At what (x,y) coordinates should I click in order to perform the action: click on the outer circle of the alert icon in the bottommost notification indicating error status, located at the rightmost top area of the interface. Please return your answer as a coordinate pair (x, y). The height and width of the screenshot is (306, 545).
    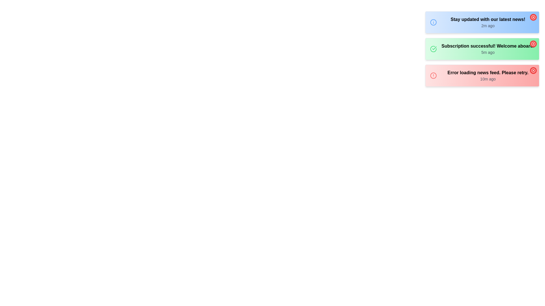
    Looking at the image, I should click on (433, 75).